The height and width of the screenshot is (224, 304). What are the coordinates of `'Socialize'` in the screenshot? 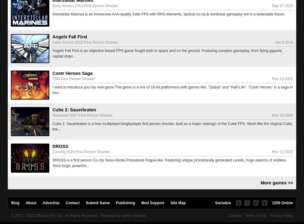 It's located at (223, 203).